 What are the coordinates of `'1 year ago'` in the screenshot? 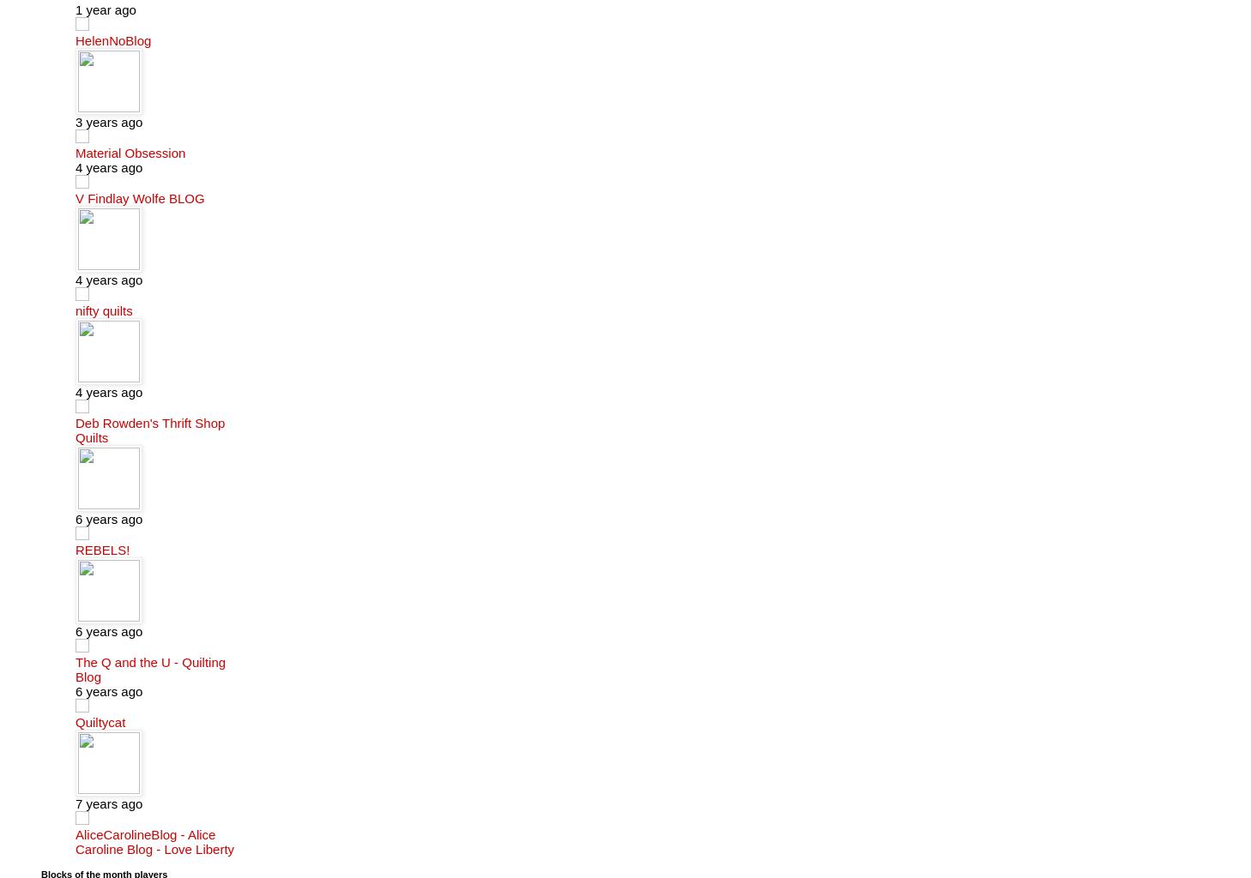 It's located at (75, 9).